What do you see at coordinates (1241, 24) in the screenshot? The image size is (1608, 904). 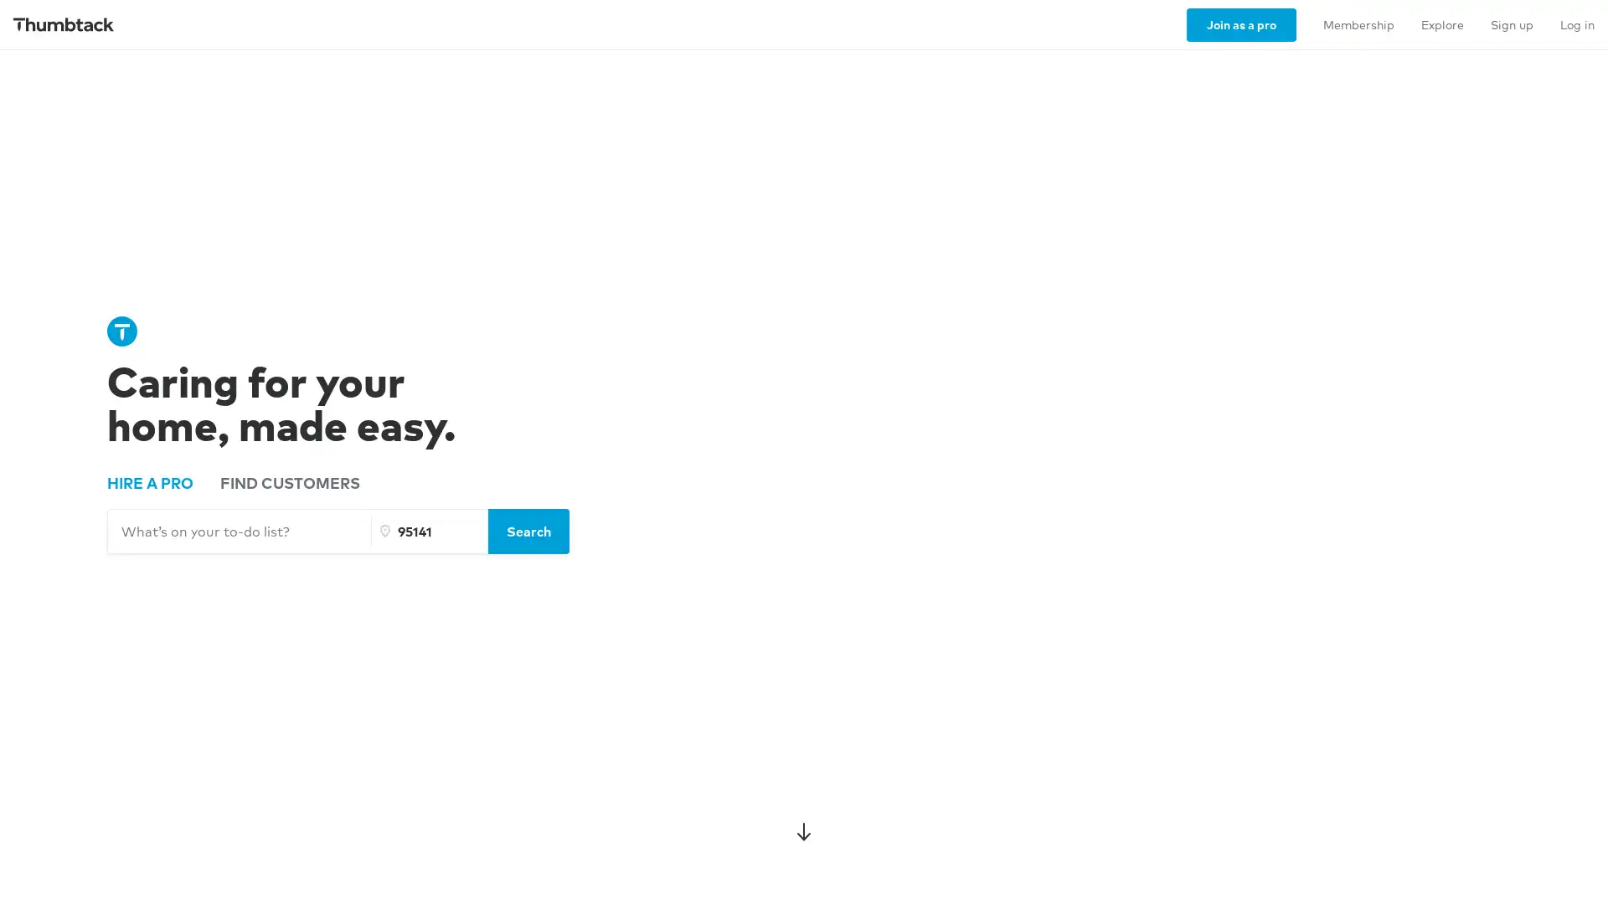 I see `Join as a pro` at bounding box center [1241, 24].